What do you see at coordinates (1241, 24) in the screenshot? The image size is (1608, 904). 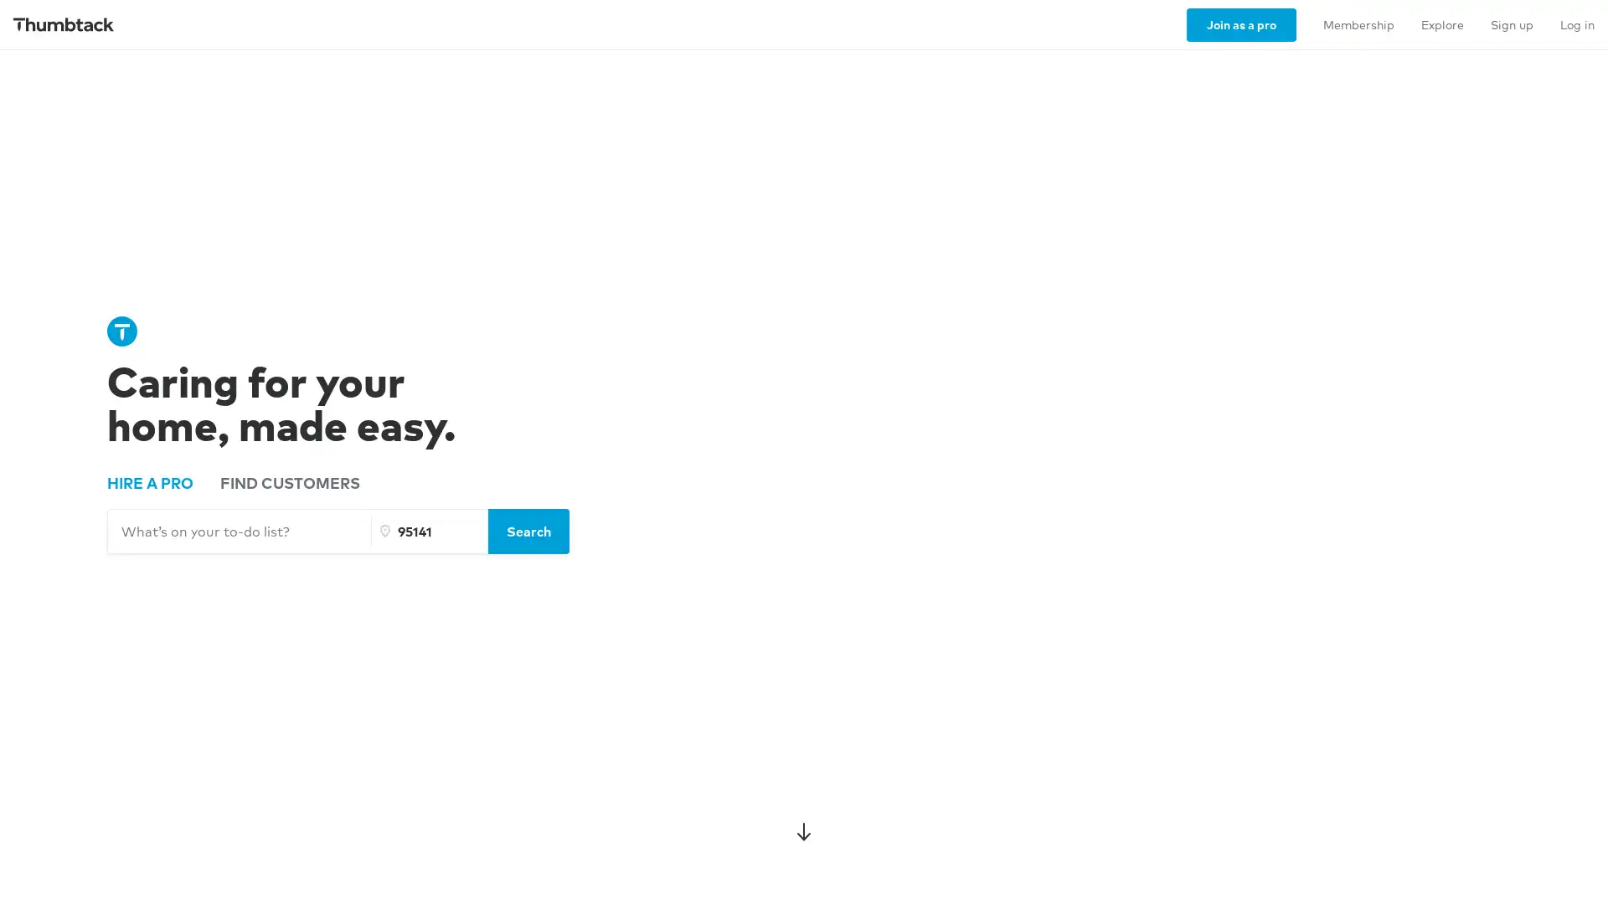 I see `Join as a pro` at bounding box center [1241, 24].